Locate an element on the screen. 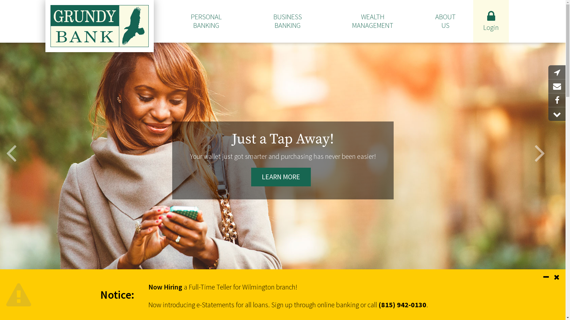 Image resolution: width=570 pixels, height=320 pixels. '(815) 942-0130' is located at coordinates (378, 305).